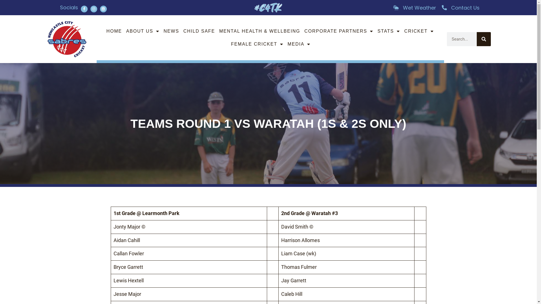  I want to click on '#c4tk', so click(254, 8).